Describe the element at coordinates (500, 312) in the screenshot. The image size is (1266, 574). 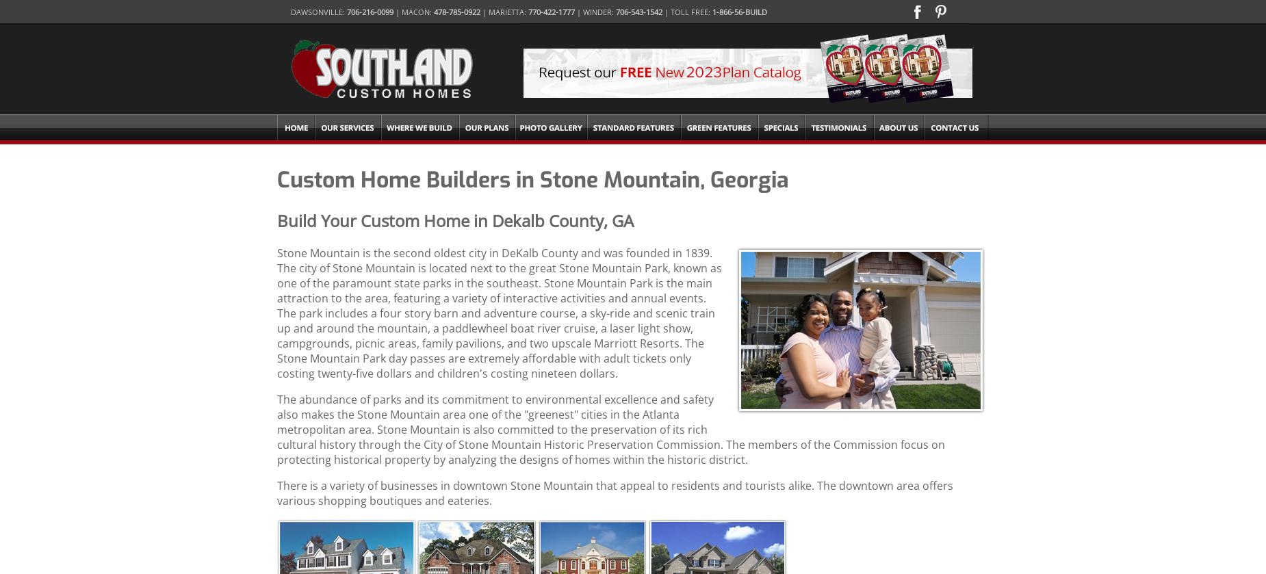
I see `'Stone Mountain is the second oldest city in DeKalb County and was founded in 1839.  The city of Stone Mountain is located next to the great Stone Mountain Park, known as one of the paramount state parks in the southeast.  Stone Mountain Park is the main attraction to the area, featuring a variety of interactive activities and annual events.  The park includes a four story barn and adventure course, a sky-ride and scenic train up and around the mountain, a paddlewheel boat river cruise, a laser light show, campgrounds, picnic areas, family pavilions, and two upscale Marriott Resorts.  The Stone Mountain Park day passes are extremely affordable with adult tickets only costing twenty-five dollars and children's costing nineteen dollars.'` at that location.